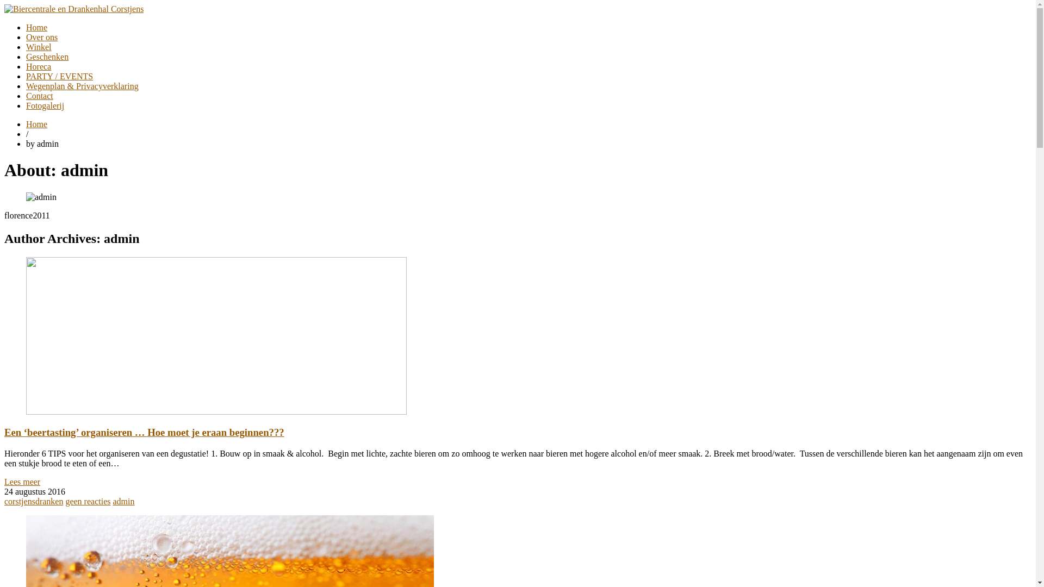 The width and height of the screenshot is (1044, 587). Describe the element at coordinates (88, 501) in the screenshot. I see `'geen reacties'` at that location.